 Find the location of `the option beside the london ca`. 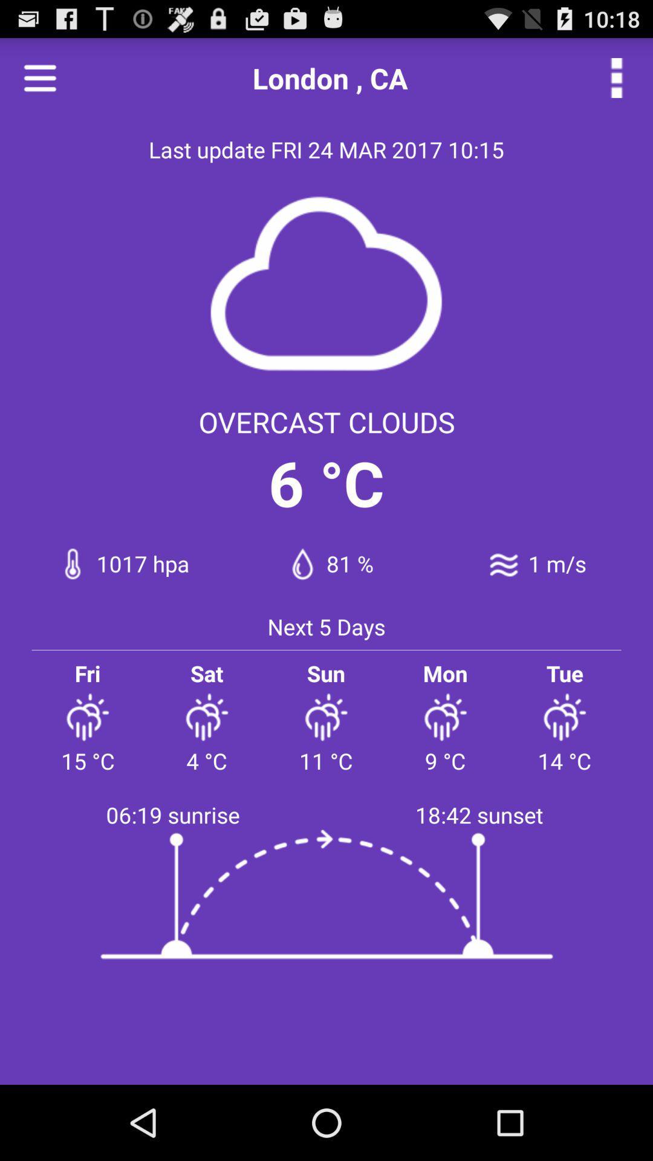

the option beside the london ca is located at coordinates (616, 77).